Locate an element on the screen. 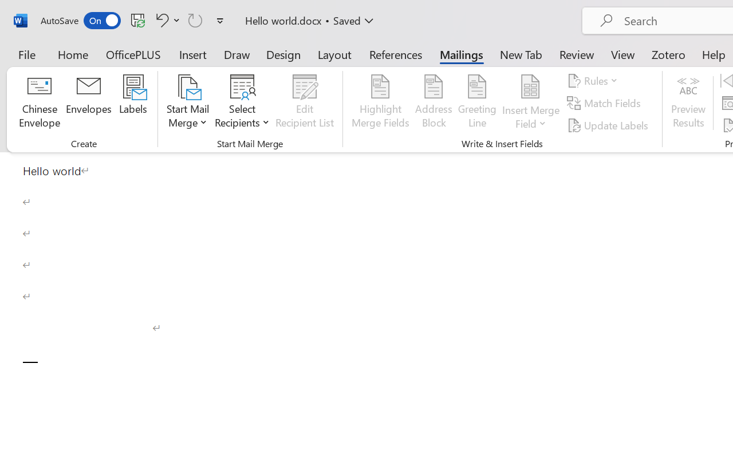 This screenshot has width=733, height=458. 'Match Fields...' is located at coordinates (605, 102).